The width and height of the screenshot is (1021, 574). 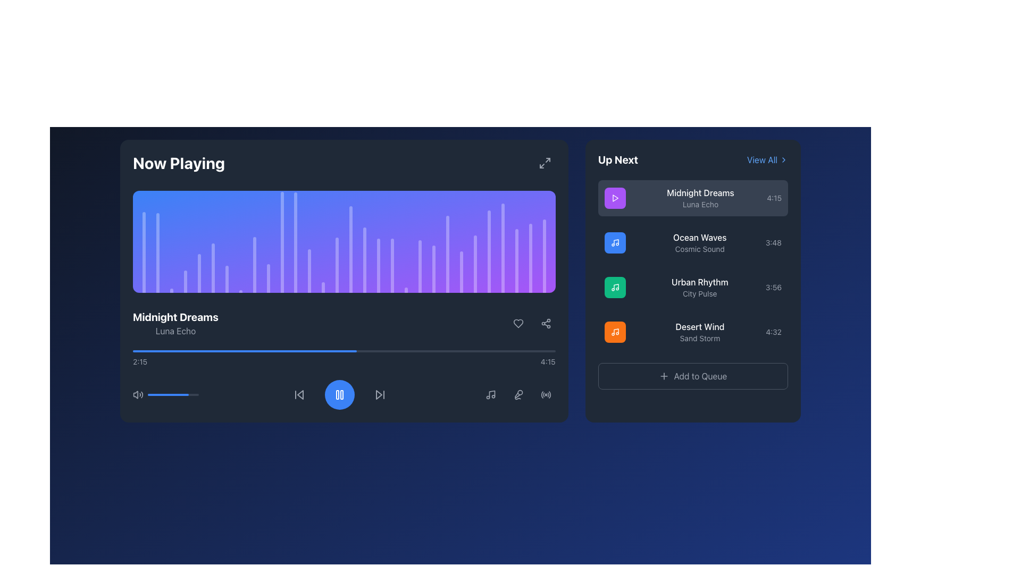 What do you see at coordinates (700, 287) in the screenshot?
I see `the text label displaying 'Urban Rhythm' for accessibility navigation` at bounding box center [700, 287].